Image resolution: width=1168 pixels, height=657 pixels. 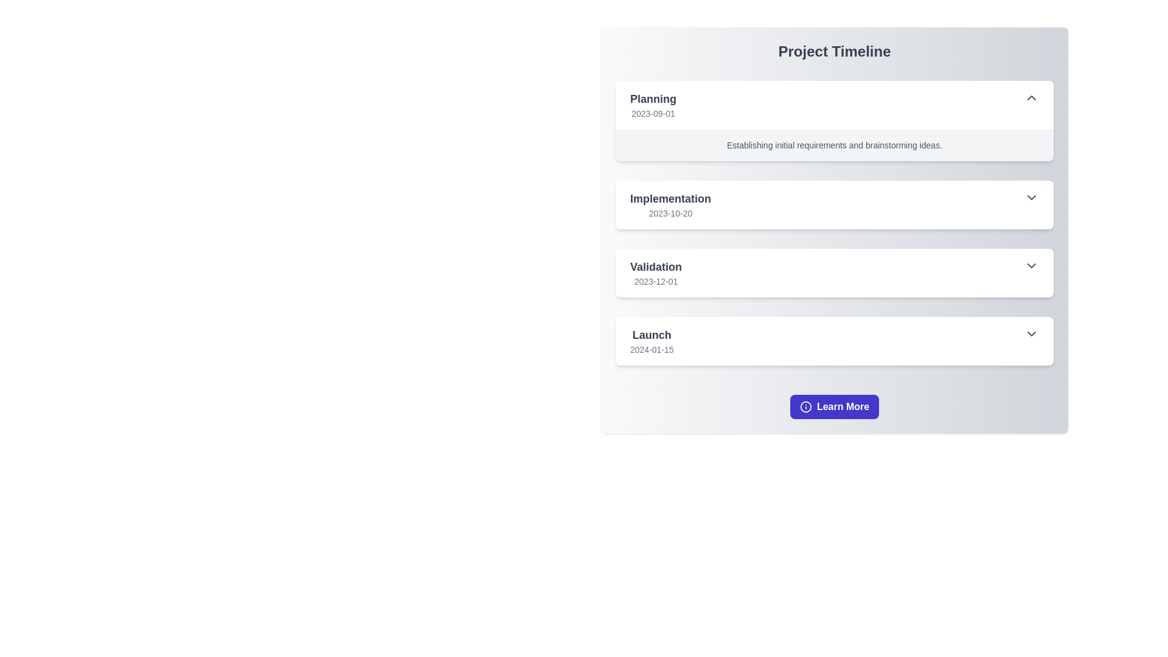 What do you see at coordinates (670, 204) in the screenshot?
I see `the textual label displaying 'Implementation' with the date '2023-10-20', located in the second card under 'Project Timeline'` at bounding box center [670, 204].